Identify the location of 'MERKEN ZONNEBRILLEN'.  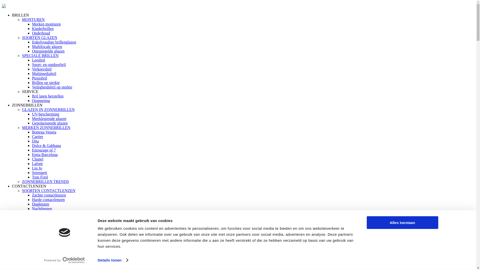
(46, 127).